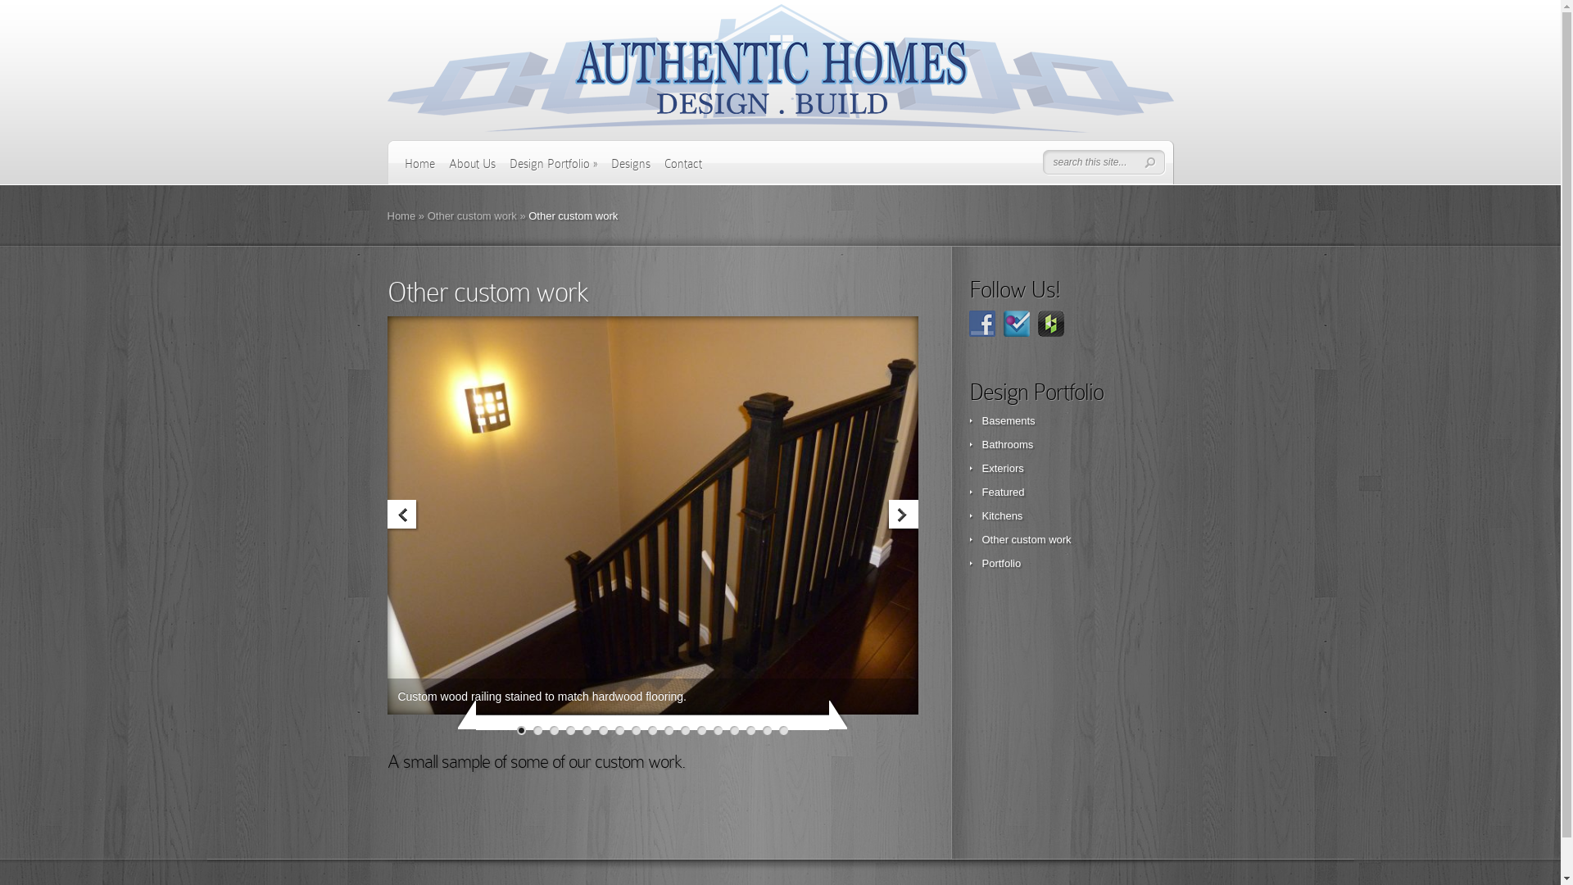  I want to click on 'Portfolio', so click(1000, 562).